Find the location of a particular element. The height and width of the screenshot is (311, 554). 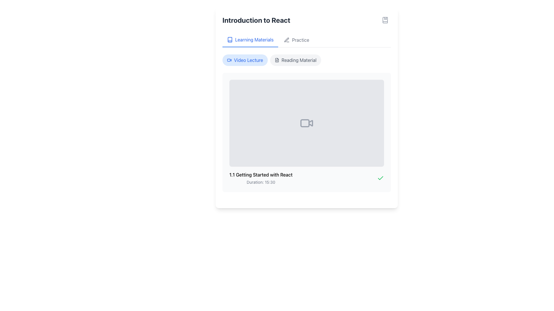

the 'Practice' text label, which is located at the rightmost position among selectable options near the top center of the page, following a pen icon is located at coordinates (300, 39).